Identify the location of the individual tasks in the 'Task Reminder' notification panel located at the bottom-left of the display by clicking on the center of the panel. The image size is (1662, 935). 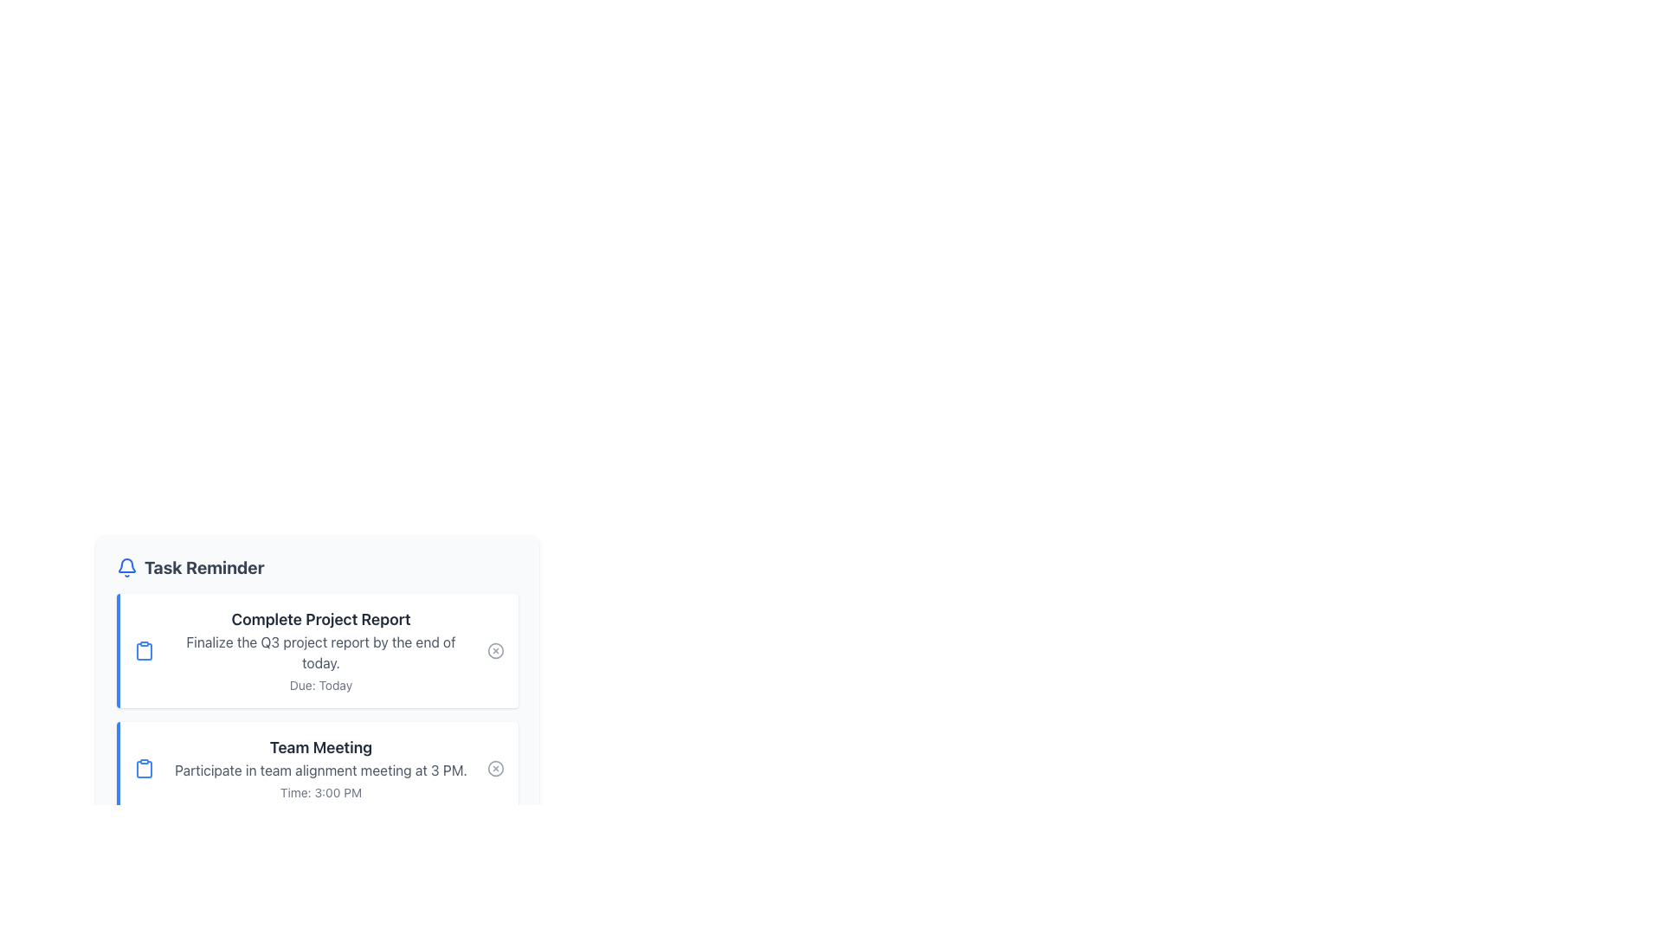
(317, 660).